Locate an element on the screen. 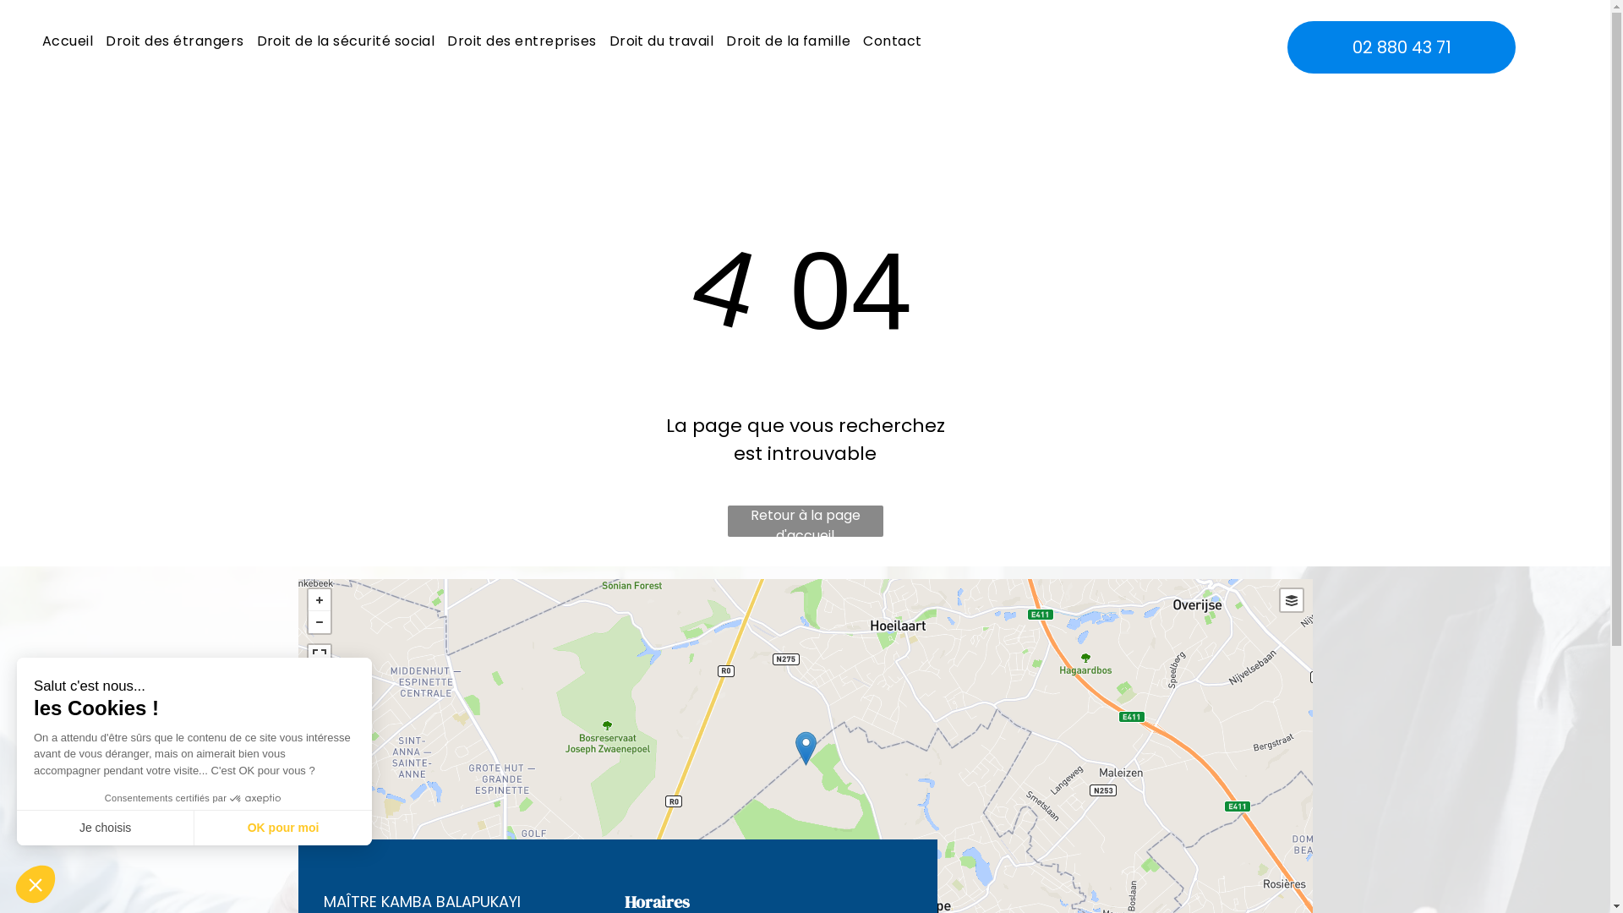 Image resolution: width=1623 pixels, height=913 pixels. 'Droit de la famille' is located at coordinates (785, 41).